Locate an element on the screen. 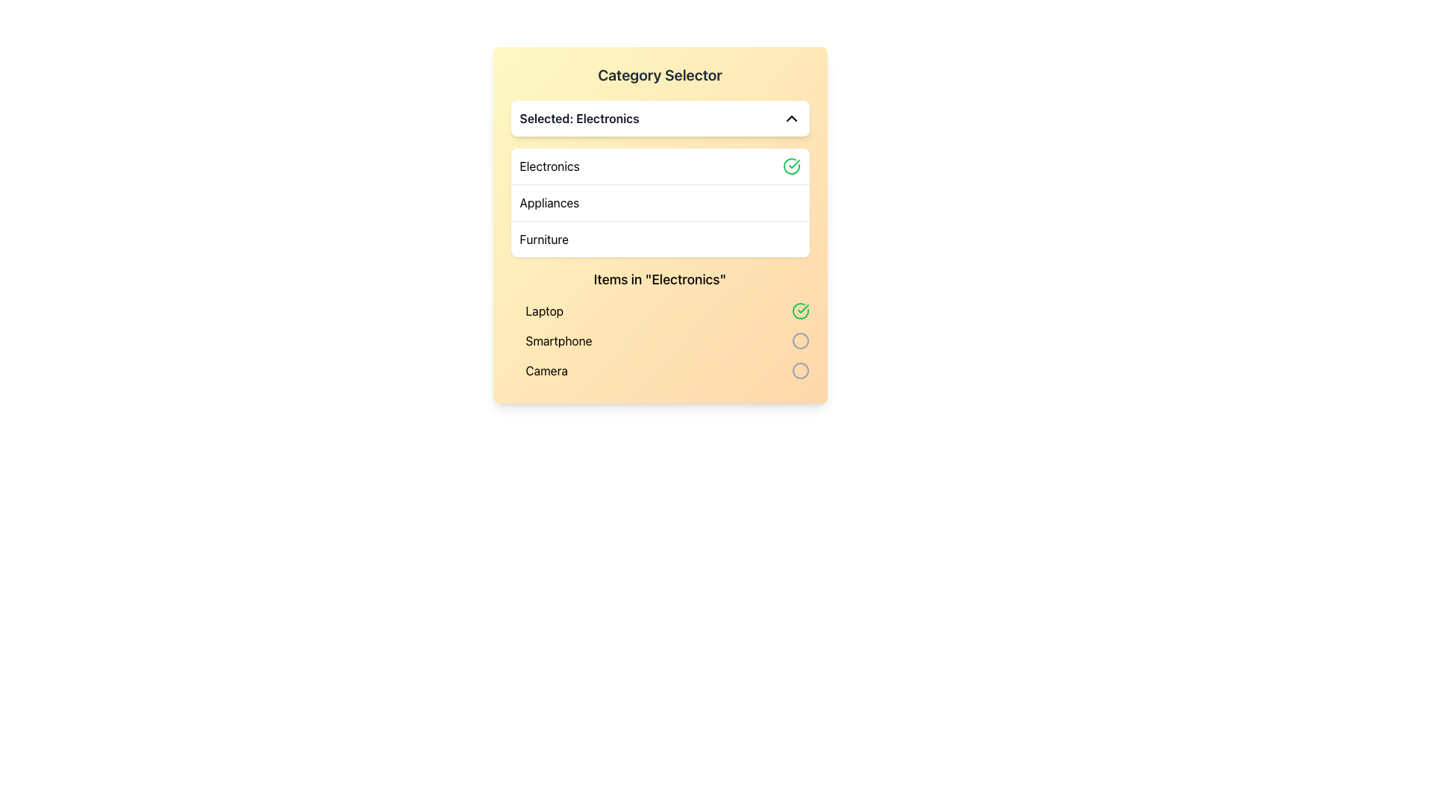  the Text Label displaying 'Items in "Electronics"' which is styled with a medium font size and located below the category selection menu is located at coordinates (659, 279).